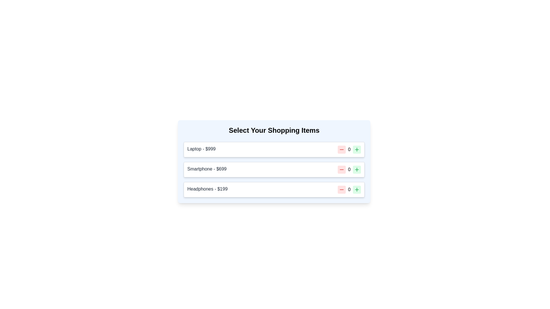 This screenshot has height=309, width=550. What do you see at coordinates (349, 190) in the screenshot?
I see `the digit '0' text label representing the quantity adjustment for 'Headphones - $199' located in the central portion of the quantity adjustment panel` at bounding box center [349, 190].